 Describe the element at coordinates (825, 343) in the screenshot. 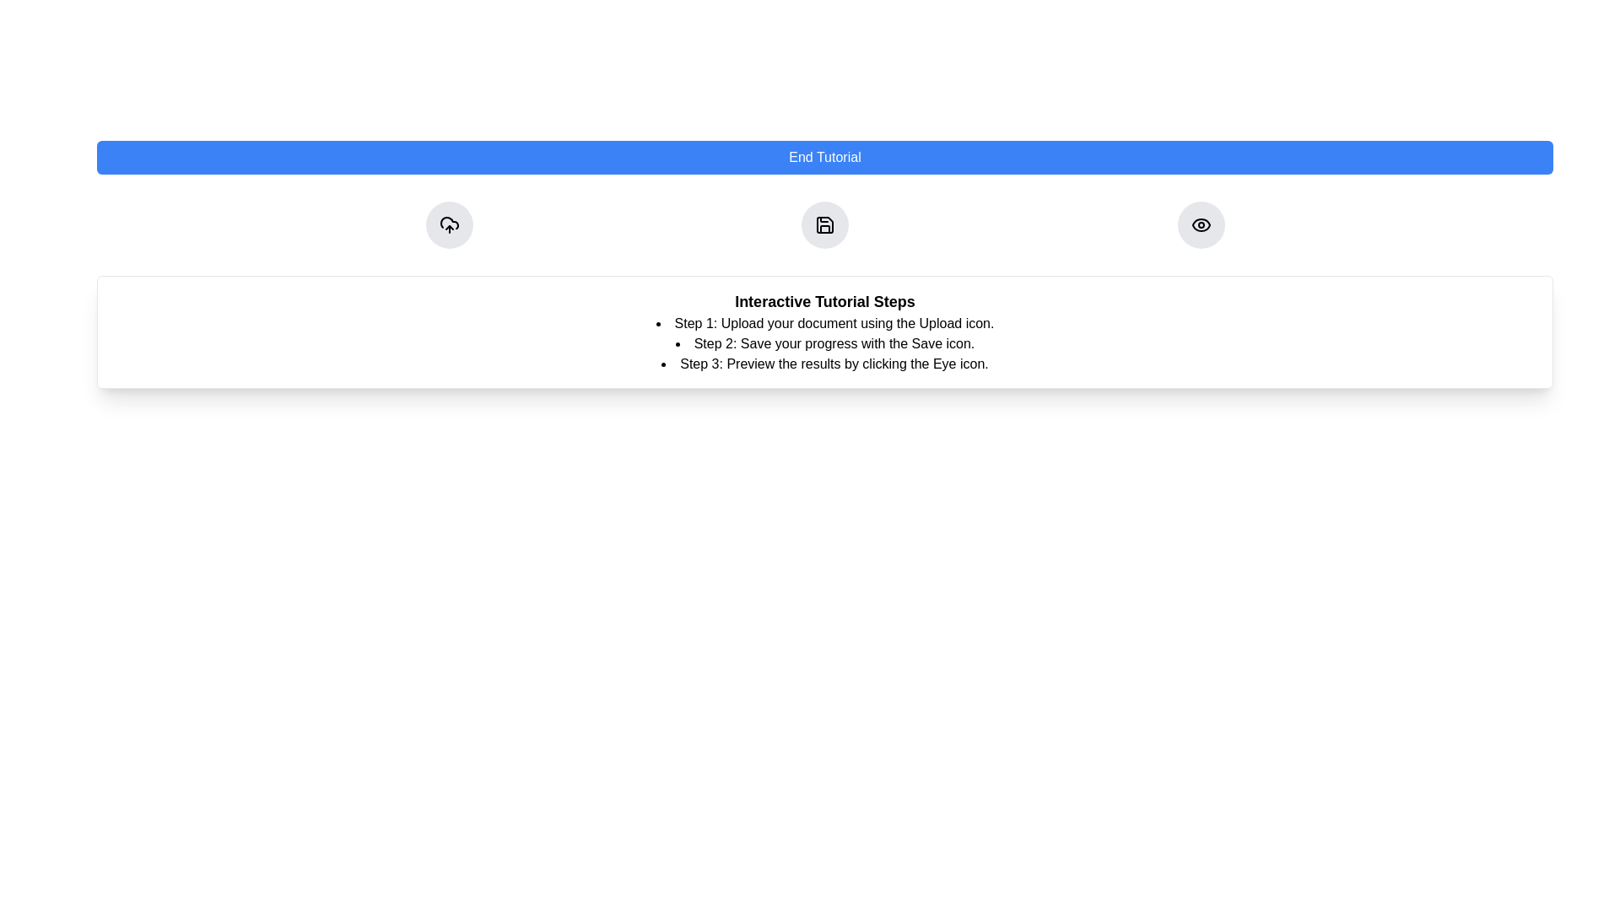

I see `the bulleted informational list containing the tutorial steps labeled 'Step 1', 'Step 2', and 'Step 3', which is located in the 'Interactive Tutorial Steps' section` at that location.